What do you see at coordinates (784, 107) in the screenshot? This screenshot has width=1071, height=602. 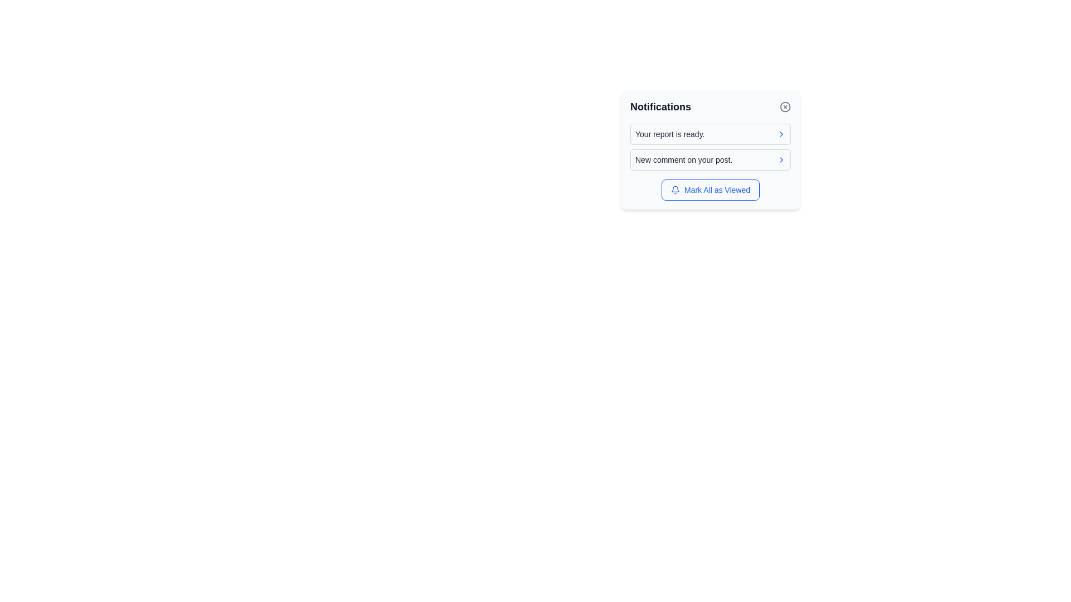 I see `the circular part of the SVG close icon located in the top-right corner of the notification dialog box` at bounding box center [784, 107].